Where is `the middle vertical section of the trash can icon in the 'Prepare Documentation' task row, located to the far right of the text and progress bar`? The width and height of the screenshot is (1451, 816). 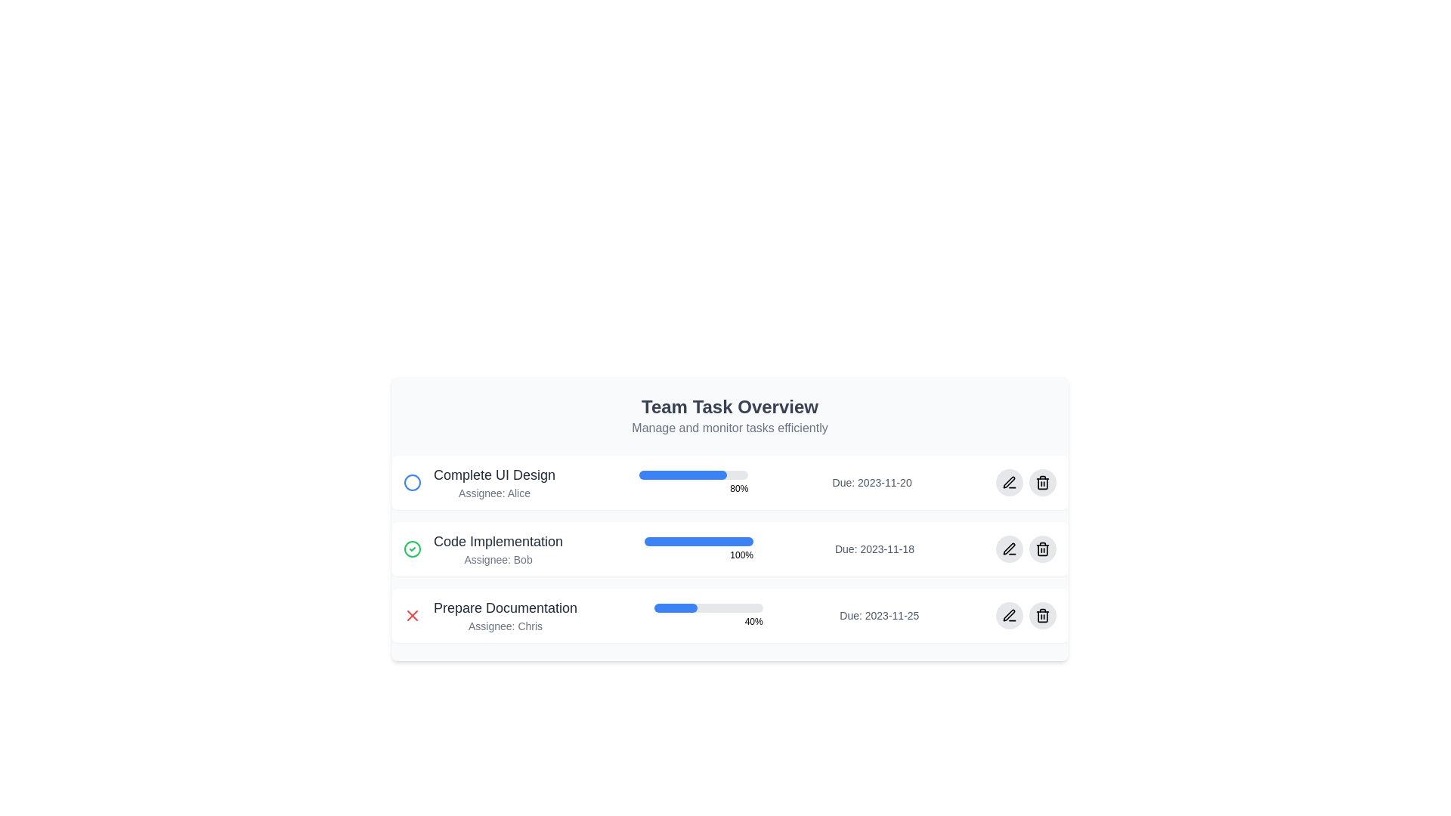
the middle vertical section of the trash can icon in the 'Prepare Documentation' task row, located to the far right of the text and progress bar is located at coordinates (1041, 617).